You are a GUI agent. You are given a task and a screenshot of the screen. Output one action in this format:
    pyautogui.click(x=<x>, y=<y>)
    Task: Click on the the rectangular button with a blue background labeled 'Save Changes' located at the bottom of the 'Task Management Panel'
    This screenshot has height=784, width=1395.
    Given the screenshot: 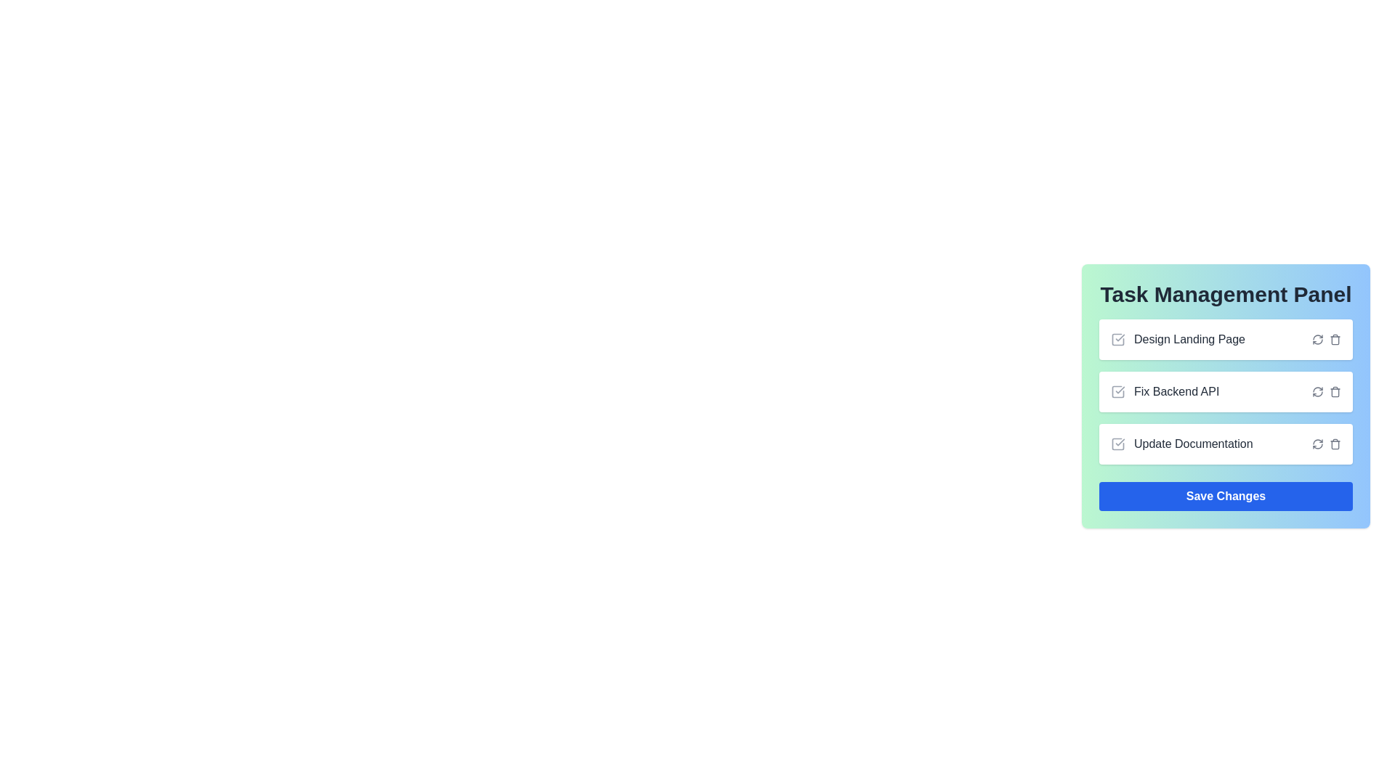 What is the action you would take?
    pyautogui.click(x=1225, y=495)
    